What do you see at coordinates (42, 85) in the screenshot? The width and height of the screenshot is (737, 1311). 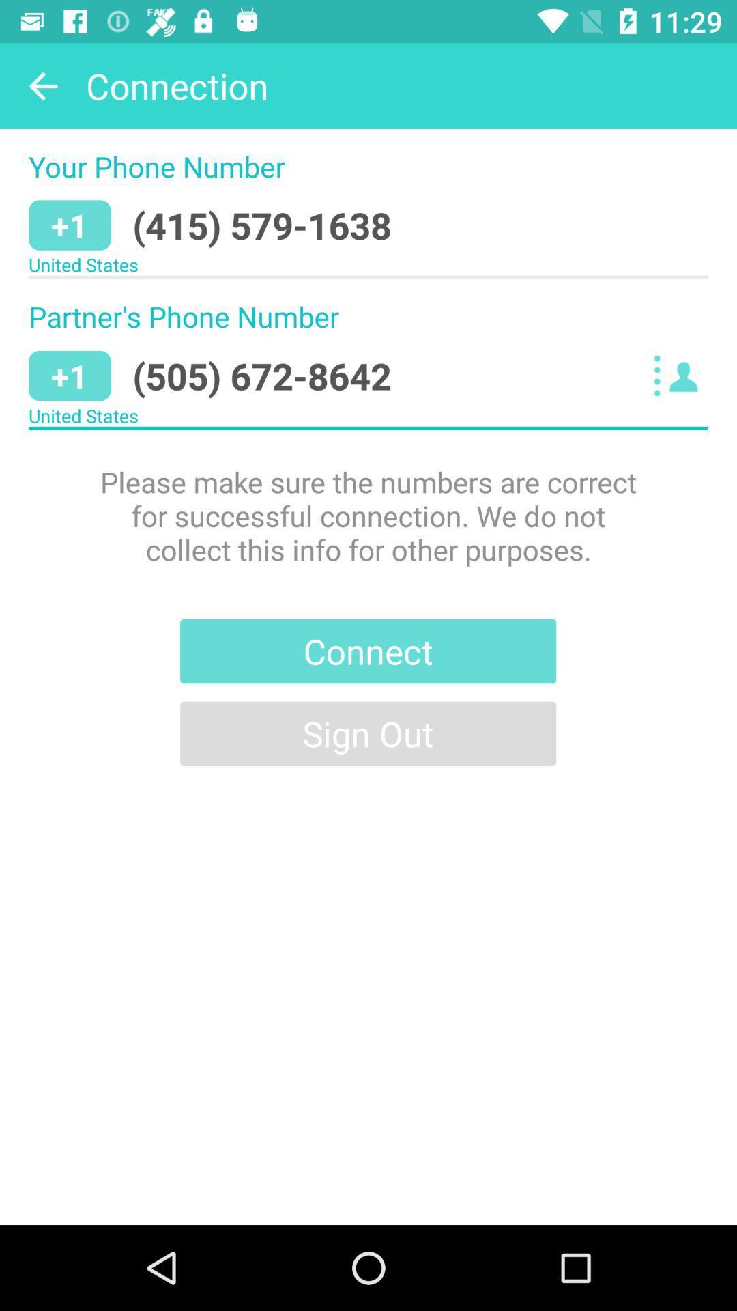 I see `icon above the your phone number item` at bounding box center [42, 85].